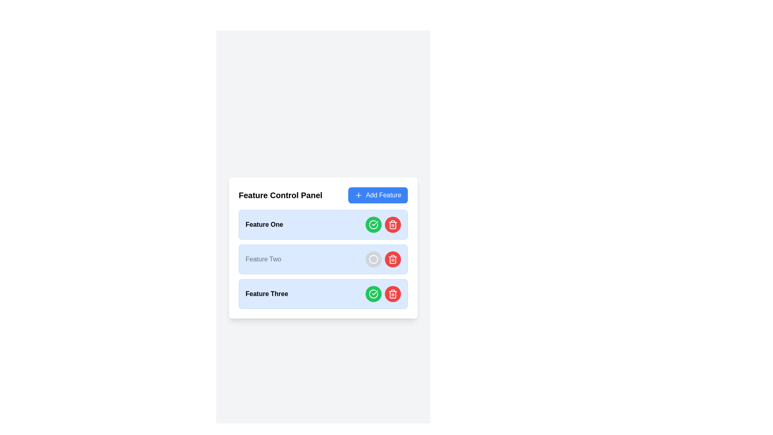 This screenshot has height=435, width=773. Describe the element at coordinates (373, 294) in the screenshot. I see `the confirmation button located to the left of the second button in the third row of the feature control list labeled 'Feature Three' to trigger a tooltip or visual feedback` at that location.